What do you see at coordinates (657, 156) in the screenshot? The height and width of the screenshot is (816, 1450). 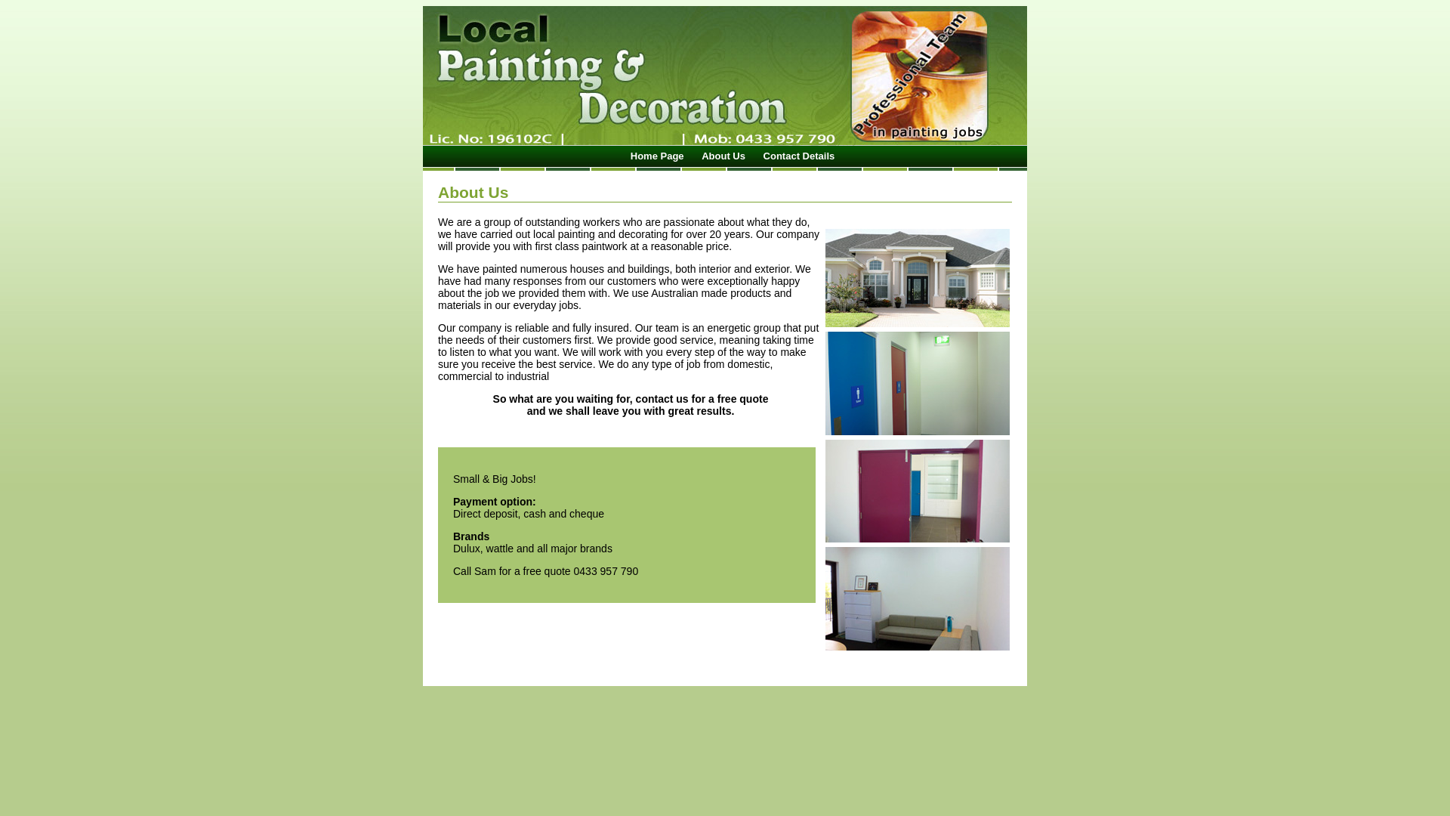 I see `'Home Page'` at bounding box center [657, 156].